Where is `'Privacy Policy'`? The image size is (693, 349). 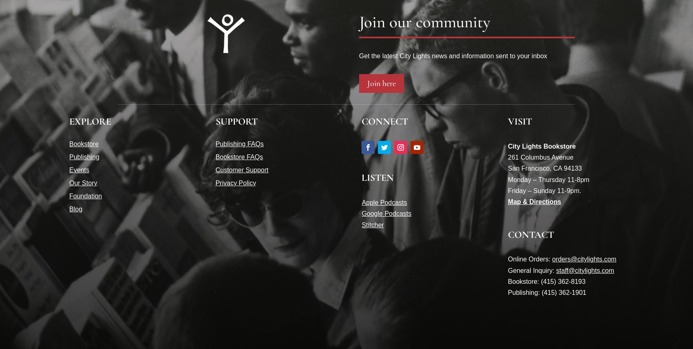
'Privacy Policy' is located at coordinates (235, 182).